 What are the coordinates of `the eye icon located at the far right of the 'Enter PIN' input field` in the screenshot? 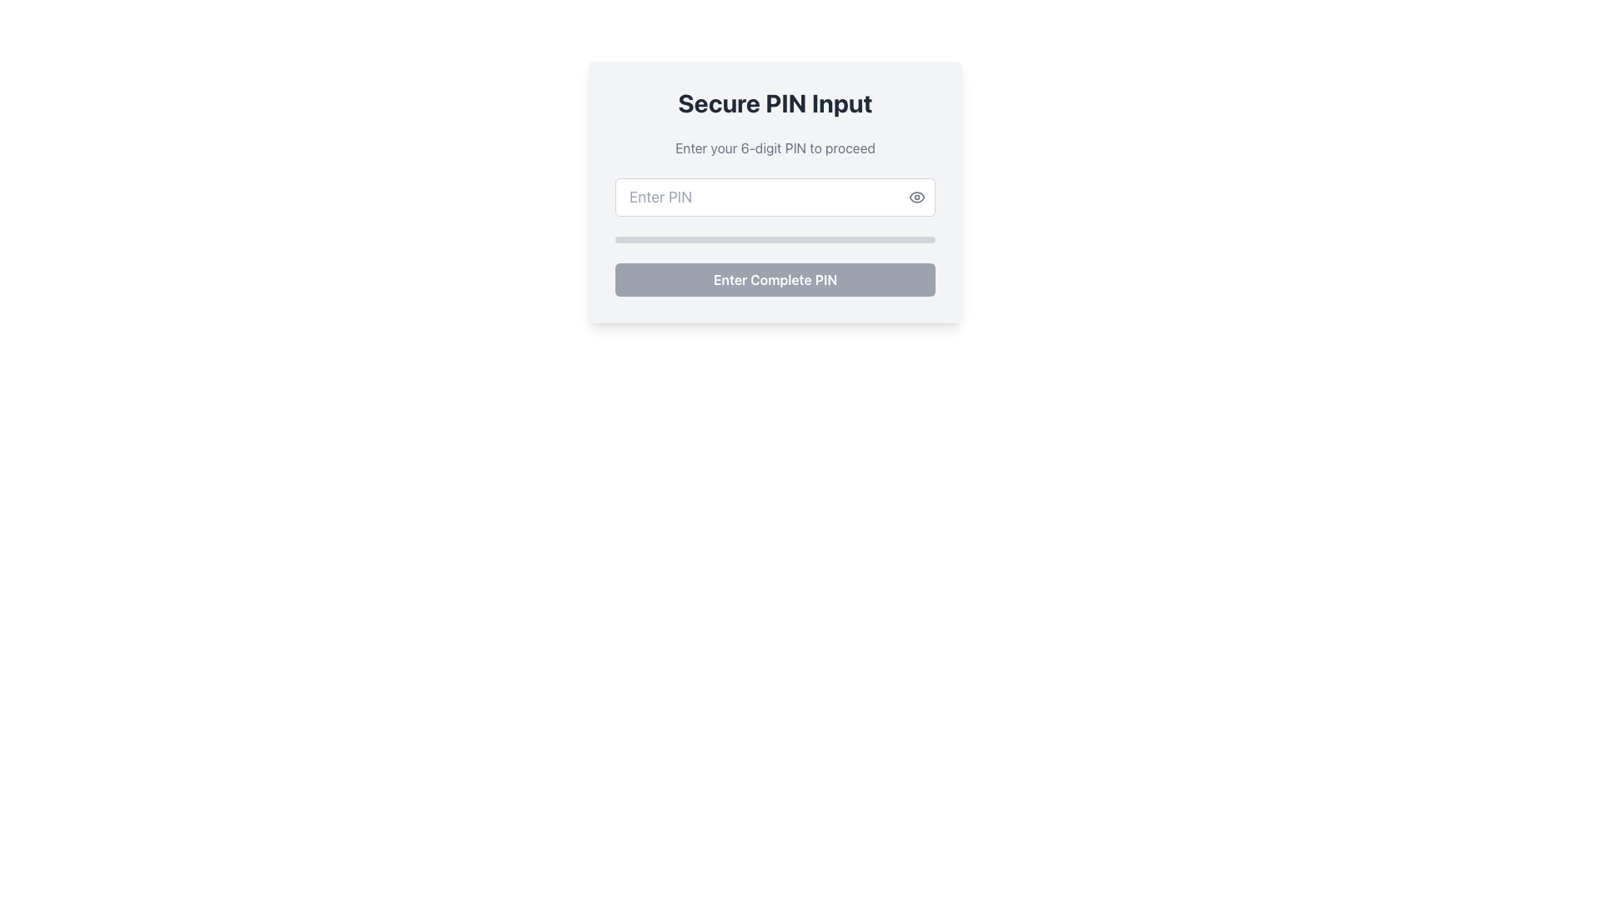 It's located at (916, 196).